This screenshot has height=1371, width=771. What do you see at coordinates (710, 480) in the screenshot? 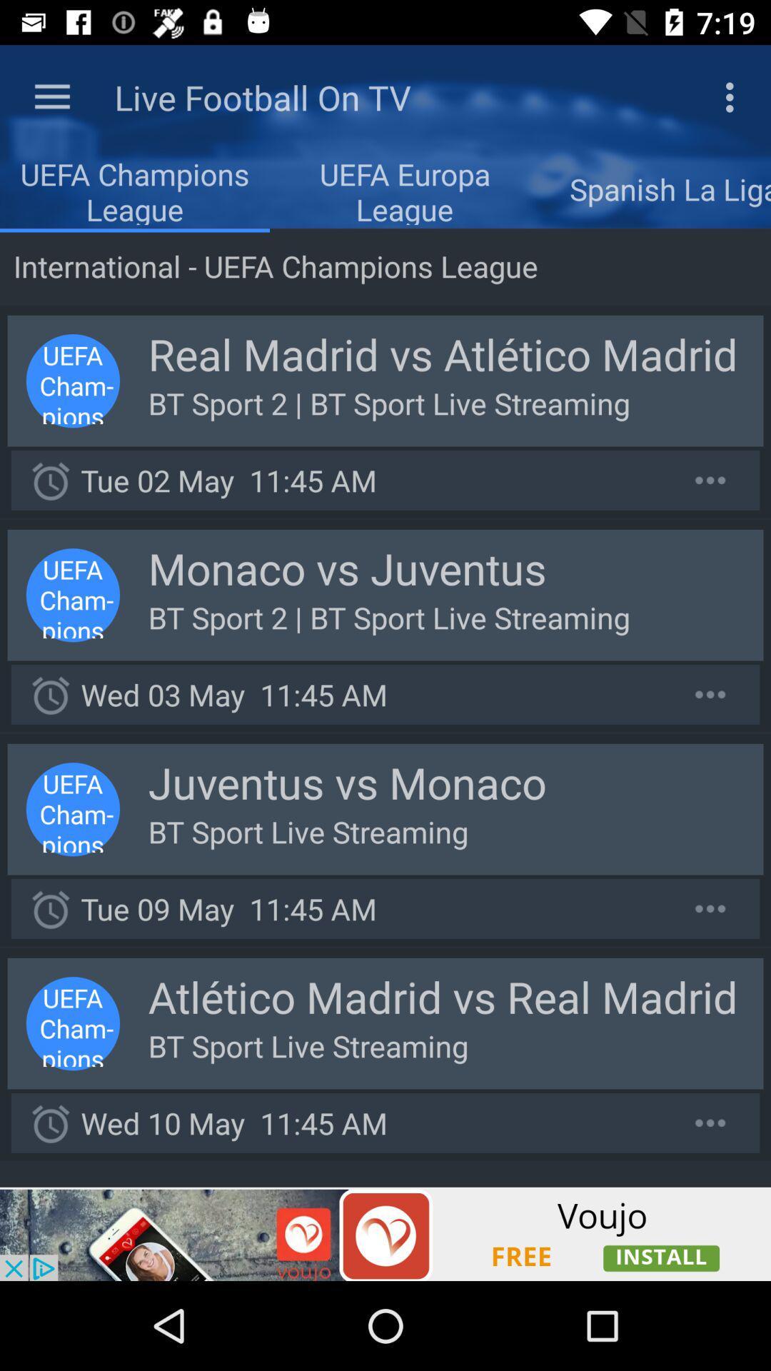
I see `more information` at bounding box center [710, 480].